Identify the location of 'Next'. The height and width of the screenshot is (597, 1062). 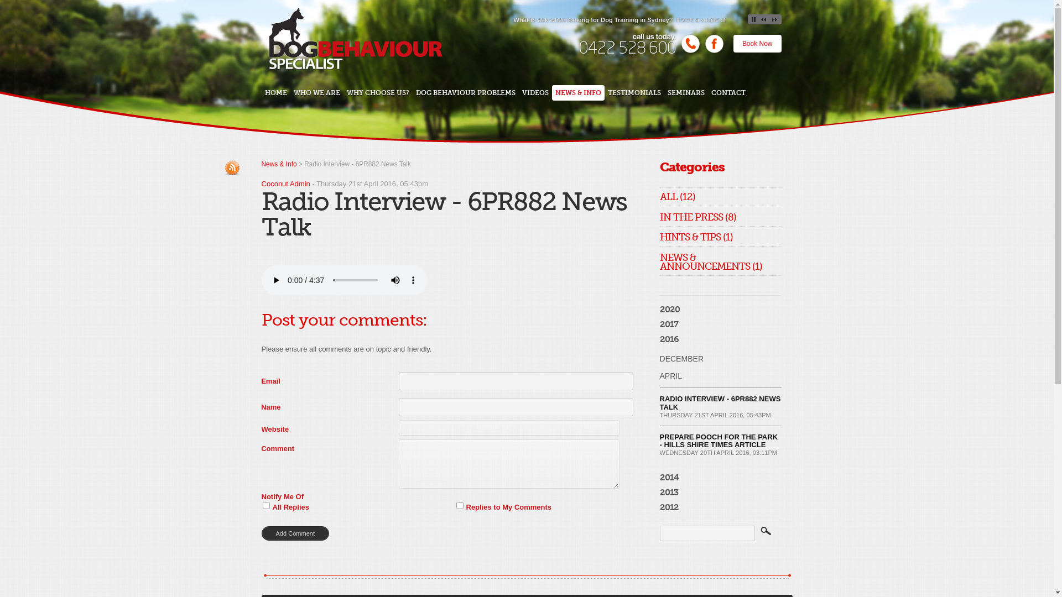
(774, 19).